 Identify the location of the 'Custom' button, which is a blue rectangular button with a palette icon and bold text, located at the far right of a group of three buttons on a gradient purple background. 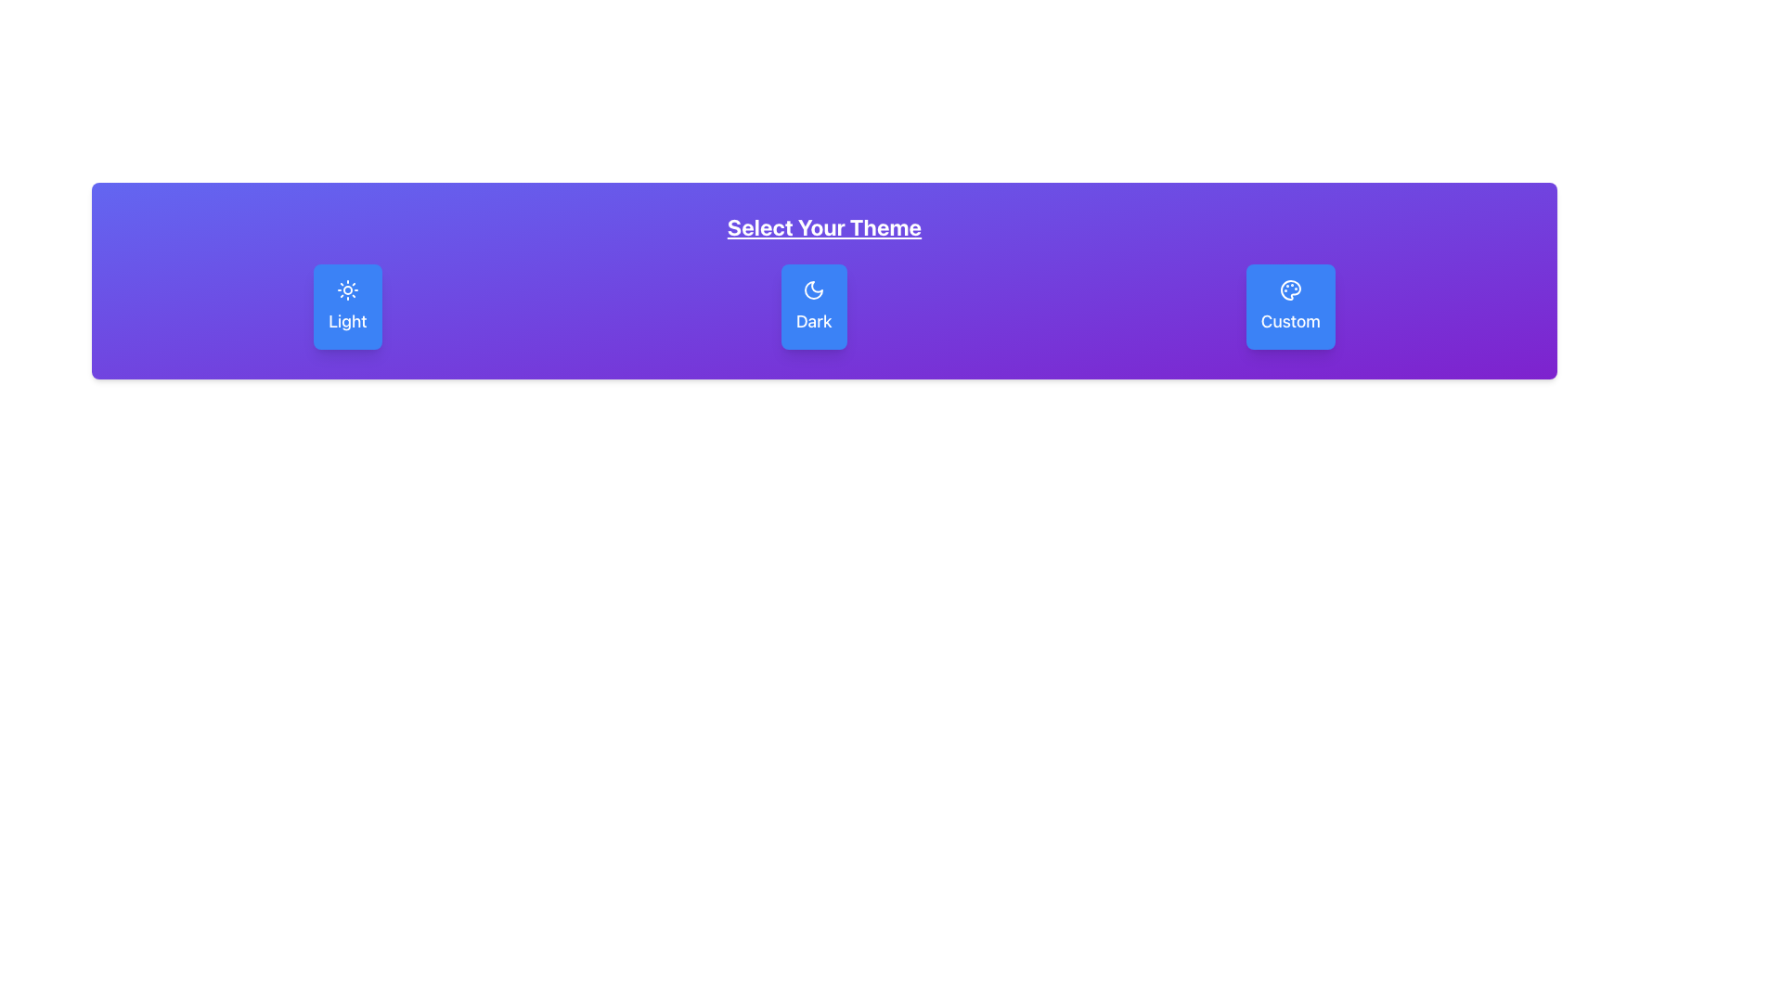
(1289, 321).